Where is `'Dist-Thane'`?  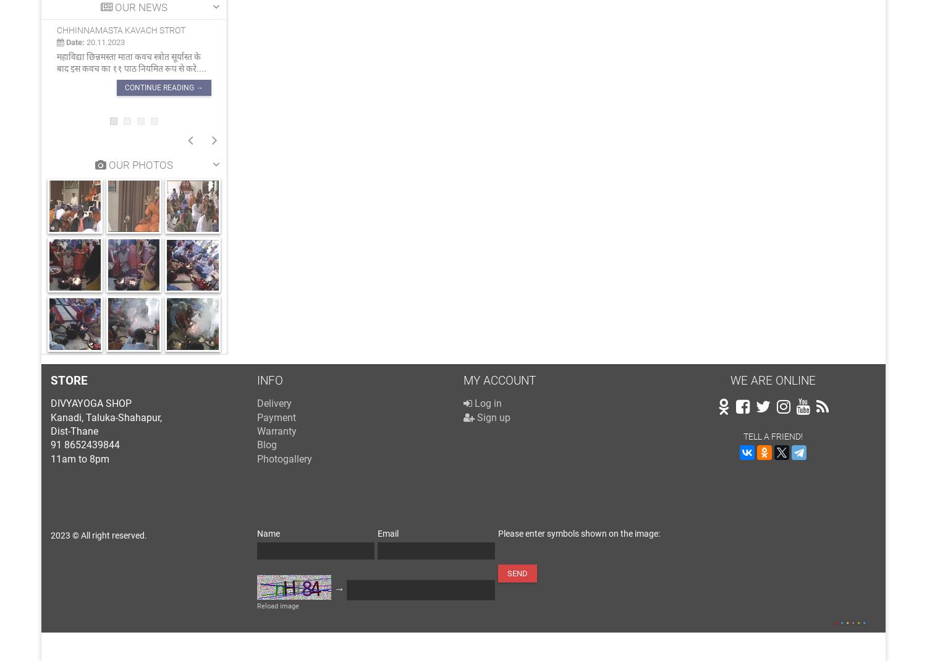 'Dist-Thane' is located at coordinates (50, 430).